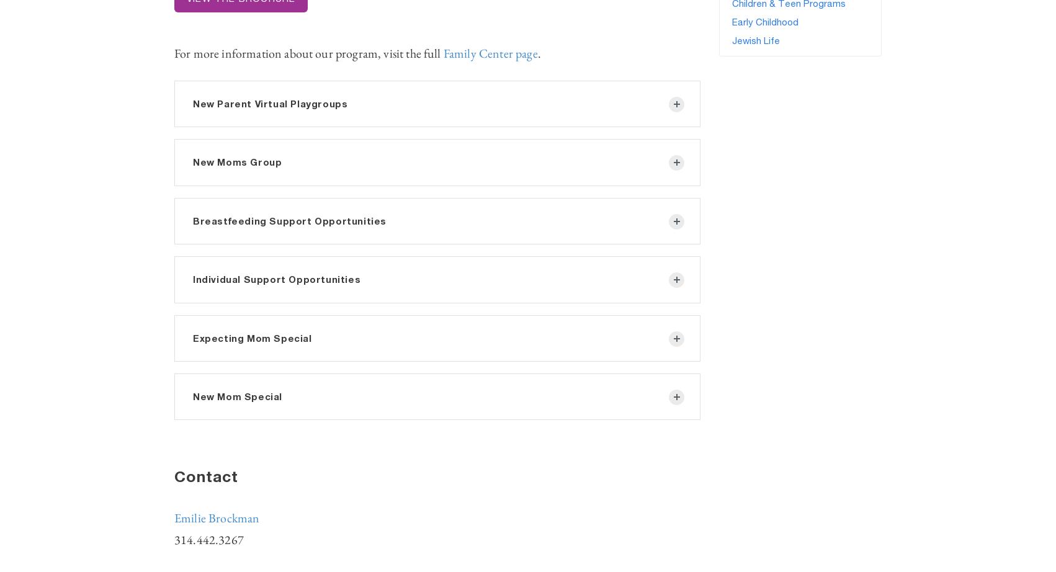  I want to click on '.', so click(539, 53).